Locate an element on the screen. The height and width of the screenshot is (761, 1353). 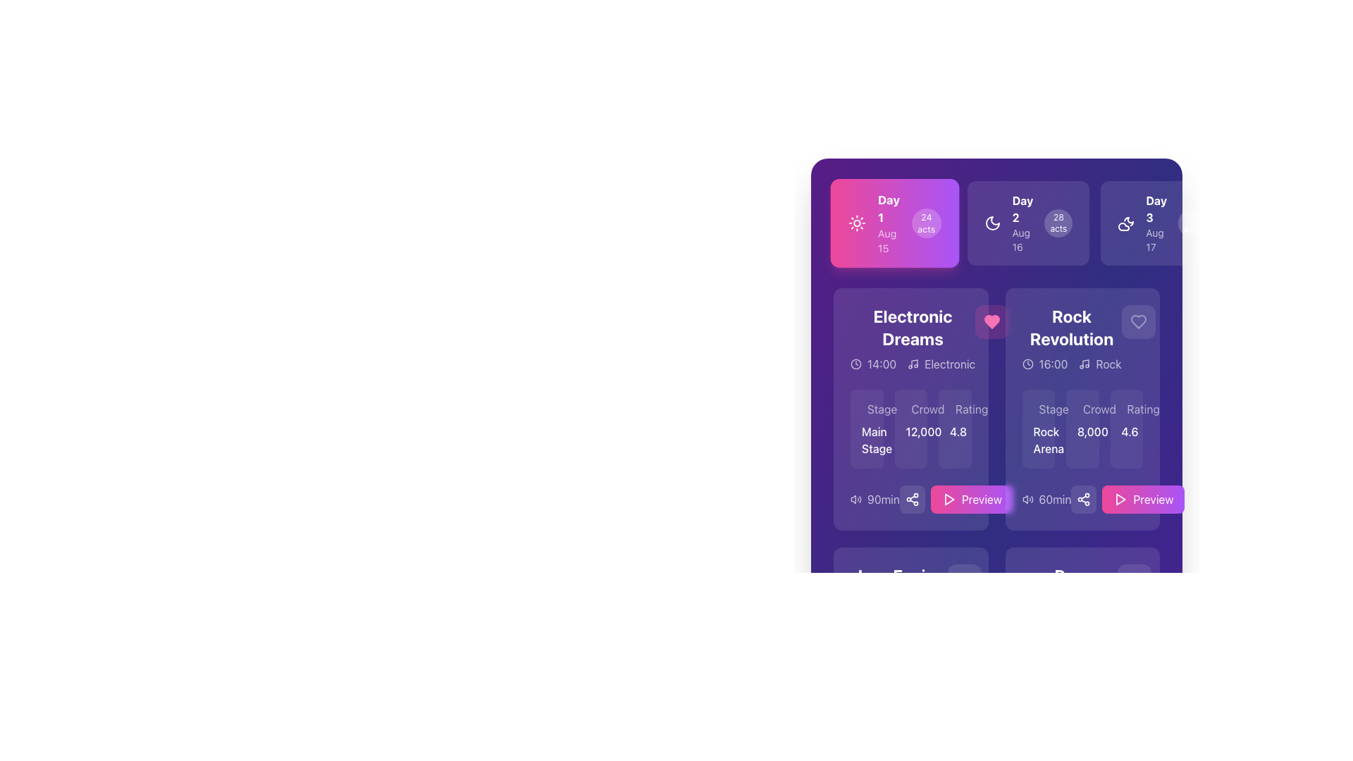
the informational badge displaying '22 acts', which is located at the top-right corner of the card for 'Day 3, Aug 17' is located at coordinates (1192, 222).